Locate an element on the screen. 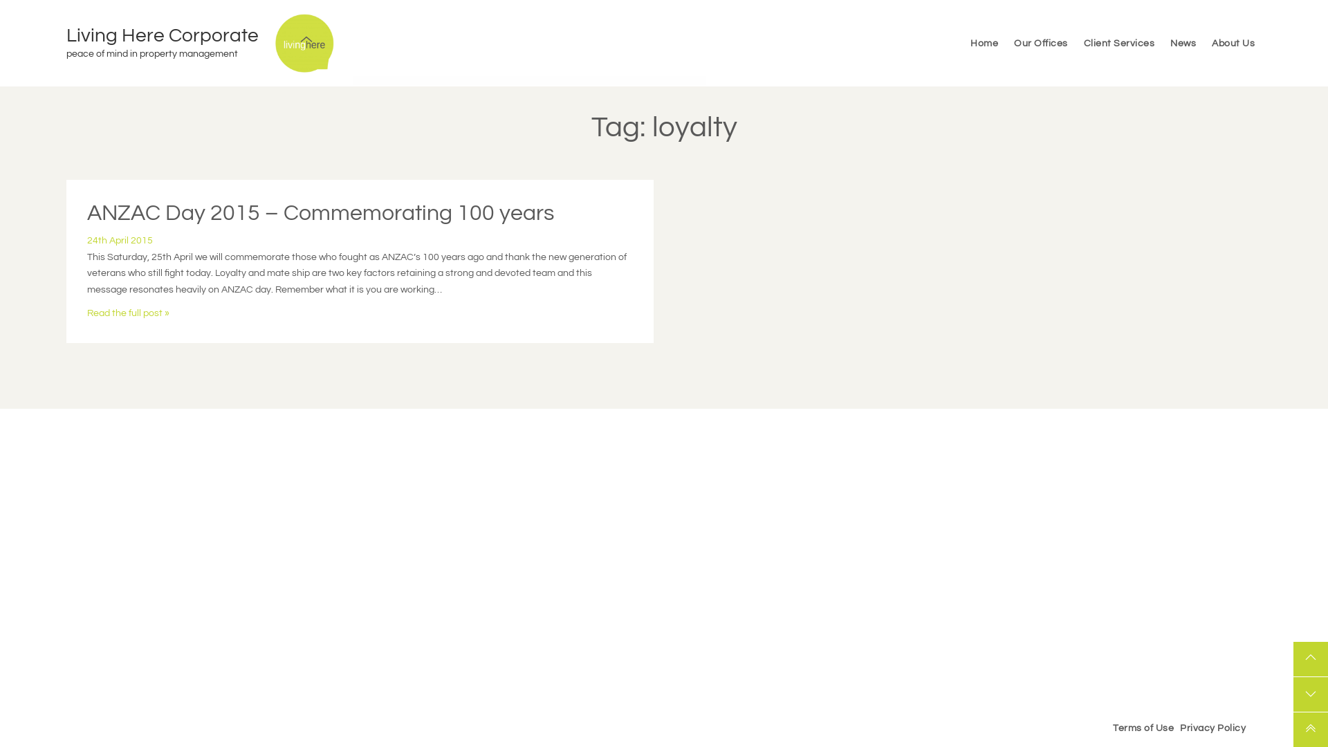 This screenshot has width=1328, height=747. 'Client Services' is located at coordinates (1118, 41).